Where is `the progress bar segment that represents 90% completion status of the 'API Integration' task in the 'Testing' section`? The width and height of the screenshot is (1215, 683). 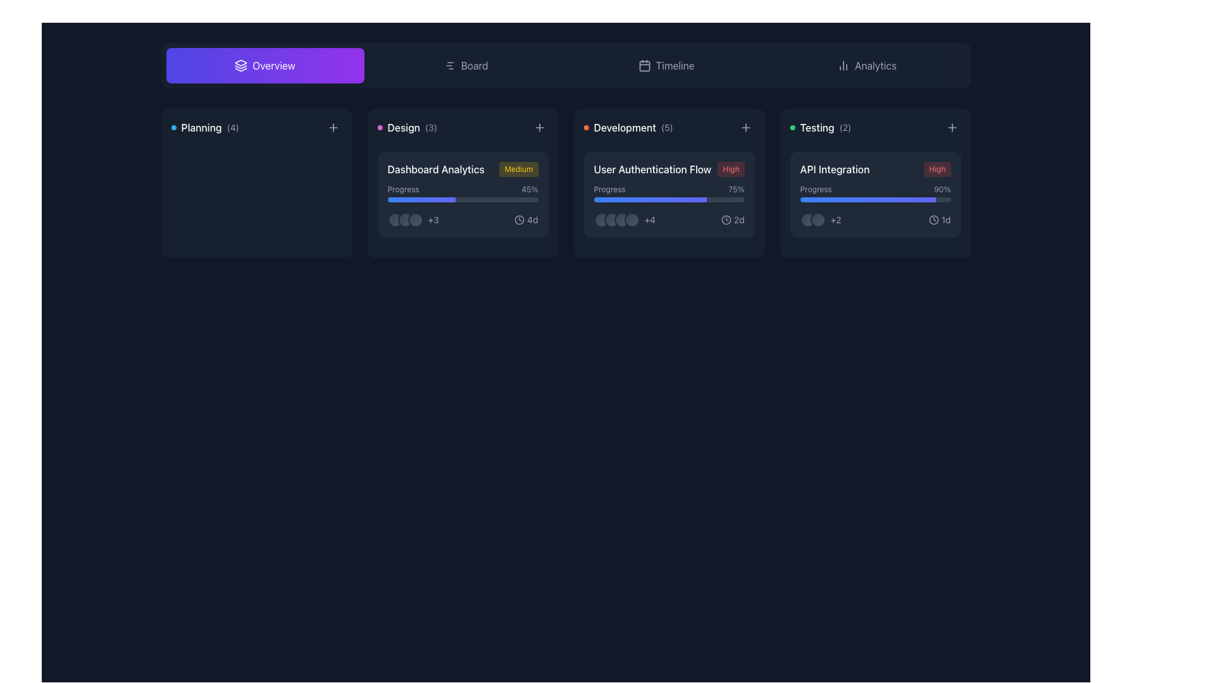 the progress bar segment that represents 90% completion status of the 'API Integration' task in the 'Testing' section is located at coordinates (867, 199).